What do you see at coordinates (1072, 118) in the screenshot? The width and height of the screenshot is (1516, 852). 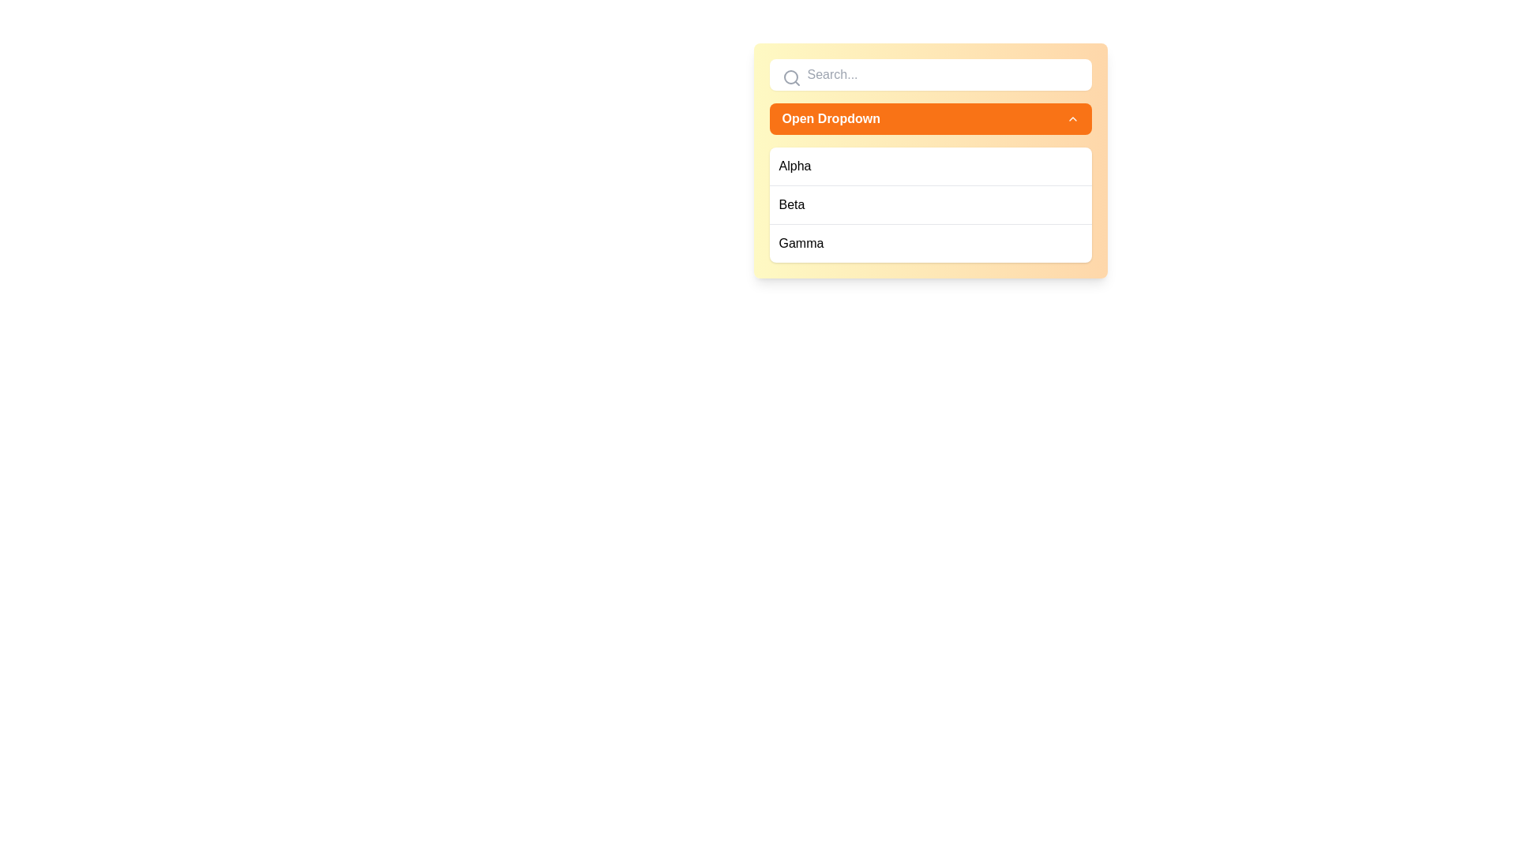 I see `the upward-pointing chevron icon located on the right edge of the orange button labeled 'Open Dropdown'` at bounding box center [1072, 118].